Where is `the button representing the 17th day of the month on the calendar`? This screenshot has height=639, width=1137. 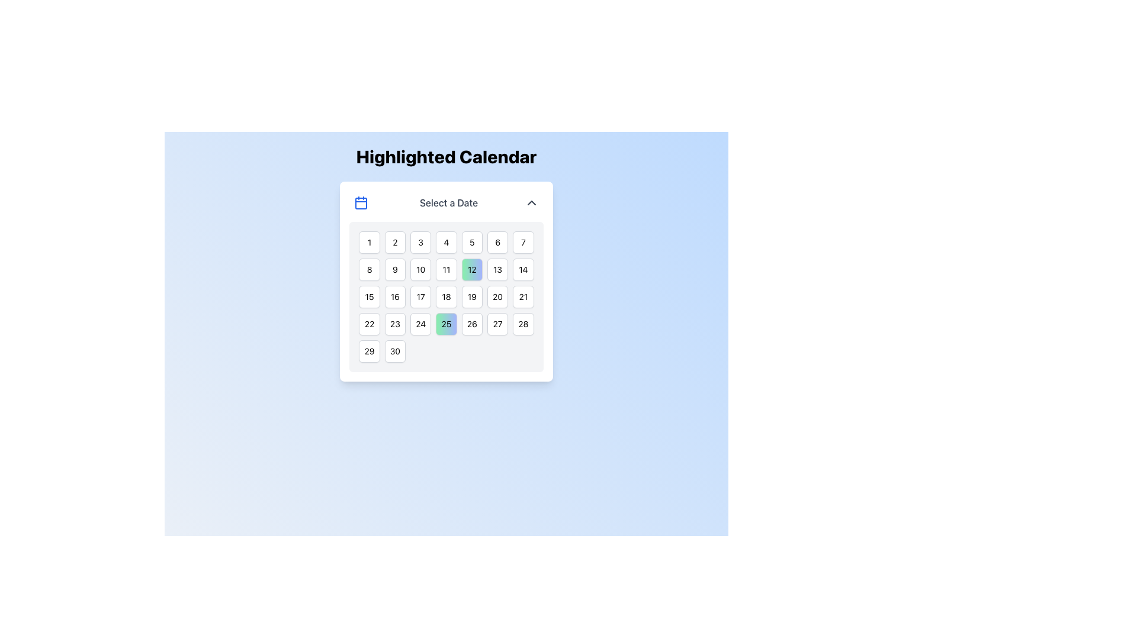
the button representing the 17th day of the month on the calendar is located at coordinates (420, 296).